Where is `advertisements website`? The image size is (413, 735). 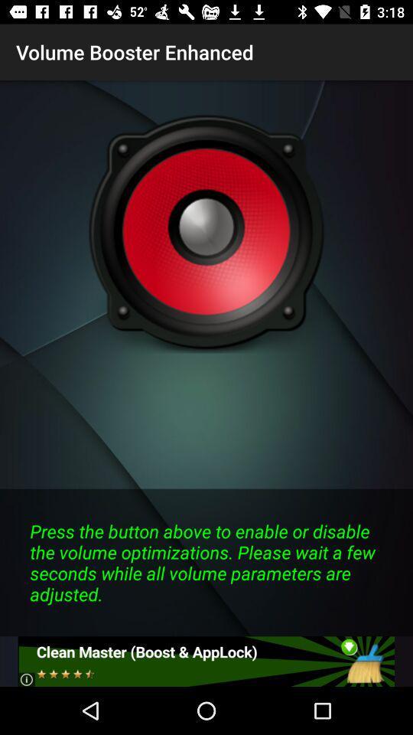 advertisements website is located at coordinates (206, 661).